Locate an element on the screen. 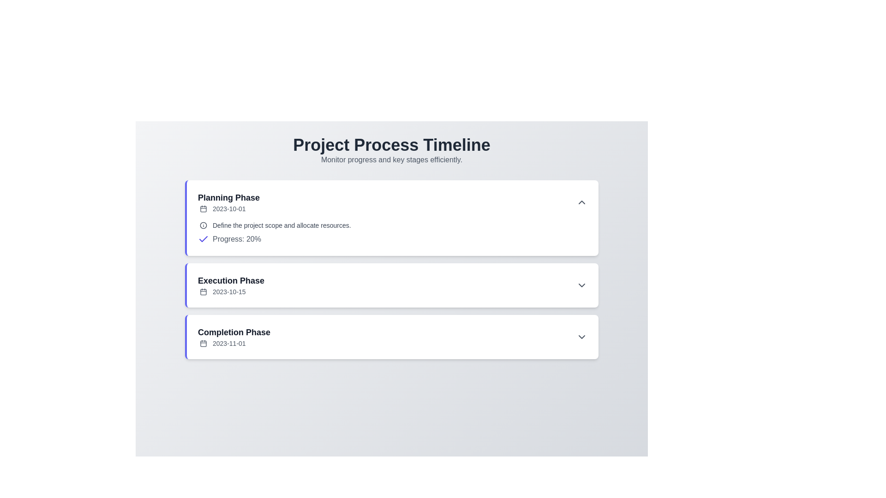  the composite display element titled 'Completion Phase' with the date '2023-11-01' and a calendar icon on the left, located at the bottom of the vertical sequence of elements is located at coordinates (234, 337).